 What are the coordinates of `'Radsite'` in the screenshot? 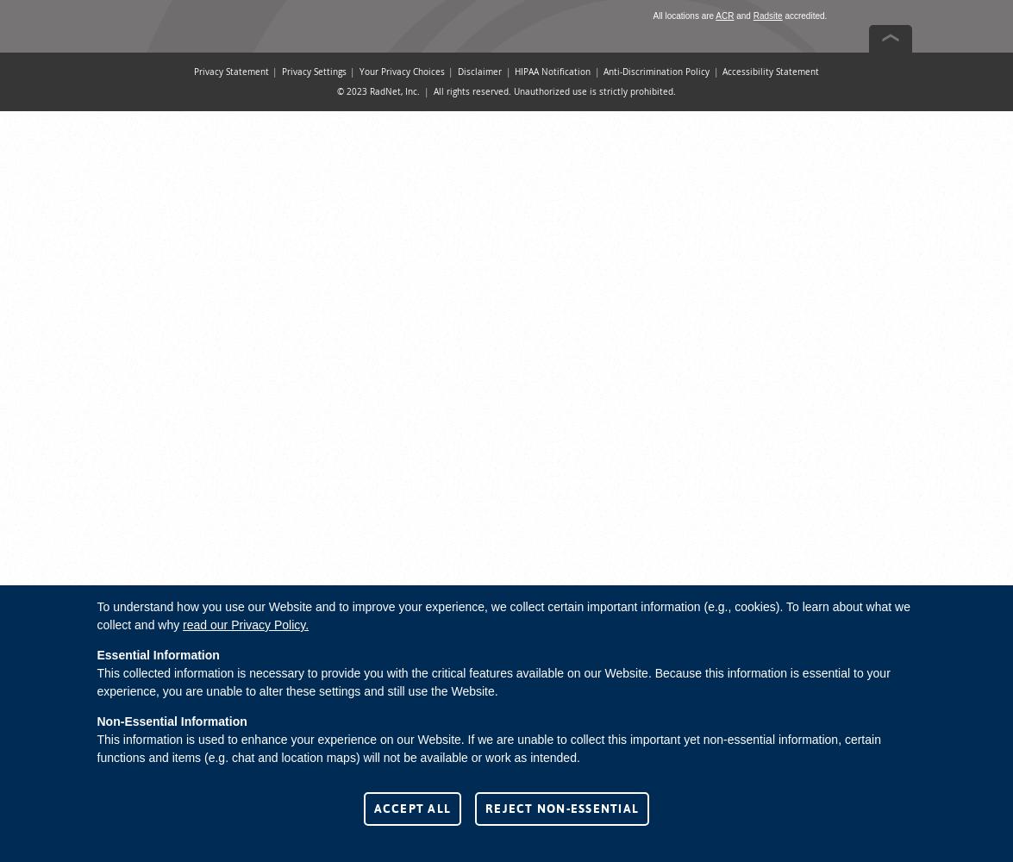 It's located at (752, 16).